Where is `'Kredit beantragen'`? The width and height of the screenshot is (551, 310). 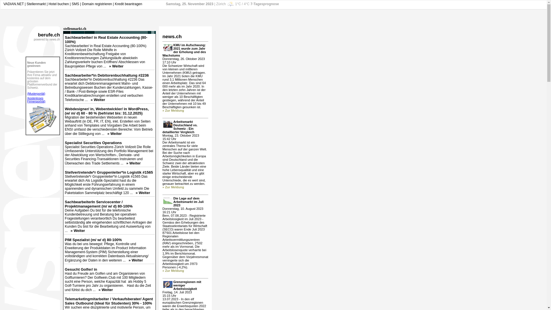
'Kredit beantragen' is located at coordinates (115, 4).